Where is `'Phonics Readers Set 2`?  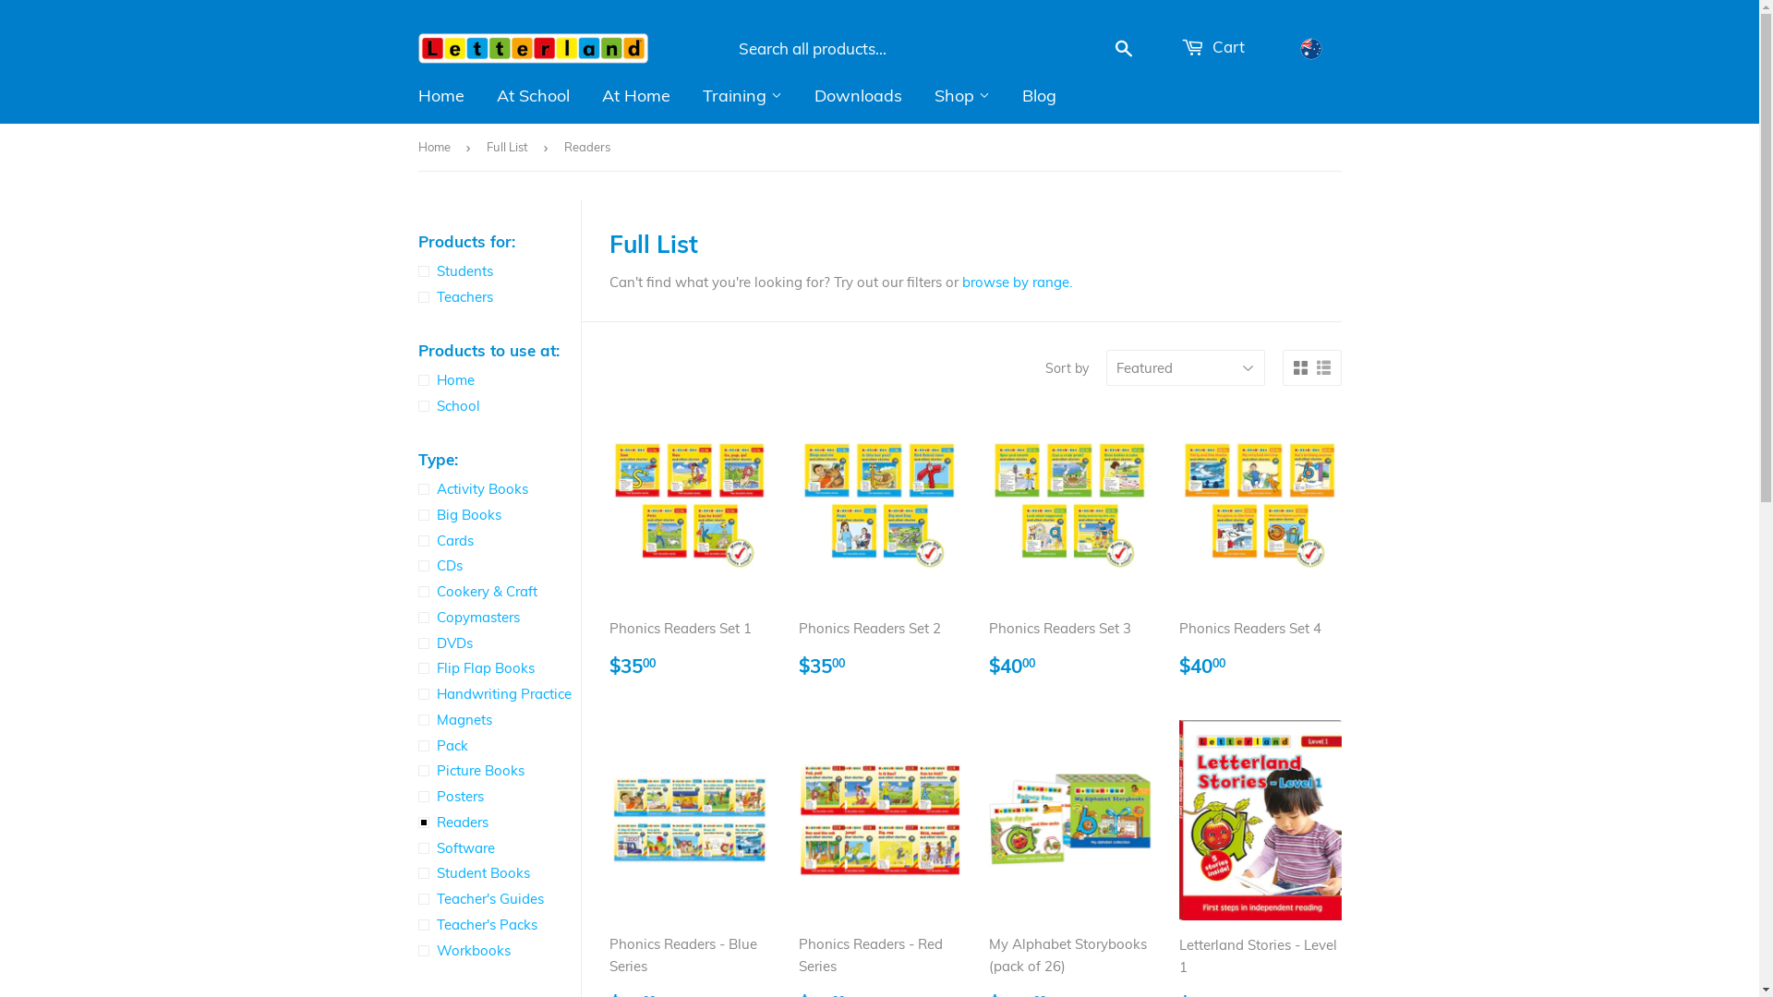 'Phonics Readers Set 2 is located at coordinates (798, 547).